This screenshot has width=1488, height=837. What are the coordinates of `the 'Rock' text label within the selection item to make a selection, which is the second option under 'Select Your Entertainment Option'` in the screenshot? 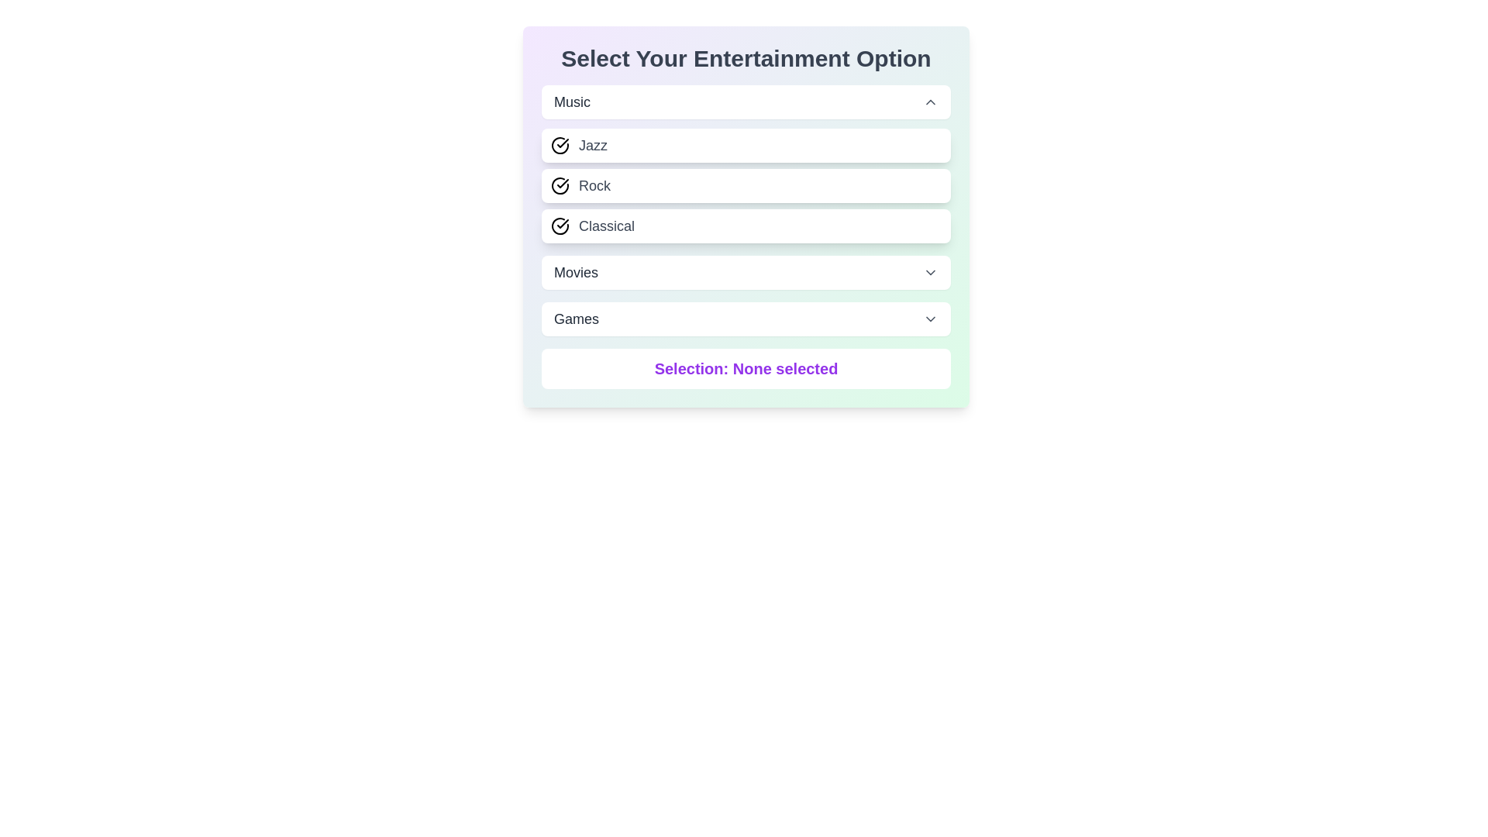 It's located at (594, 184).